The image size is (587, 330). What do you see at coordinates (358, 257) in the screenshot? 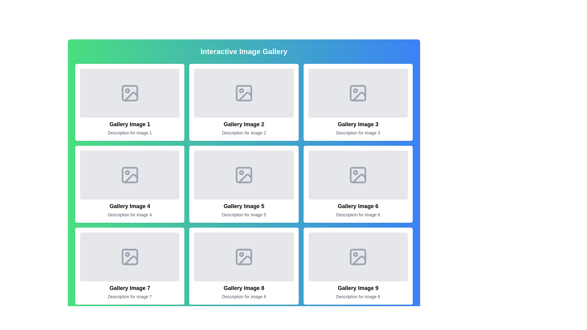
I see `the SVG image placeholder, which resembles a generic image icon with a gray color, located in the ninth cell of a 3x3 grid, directly above the text labeled 'Gallery Image 9'` at bounding box center [358, 257].